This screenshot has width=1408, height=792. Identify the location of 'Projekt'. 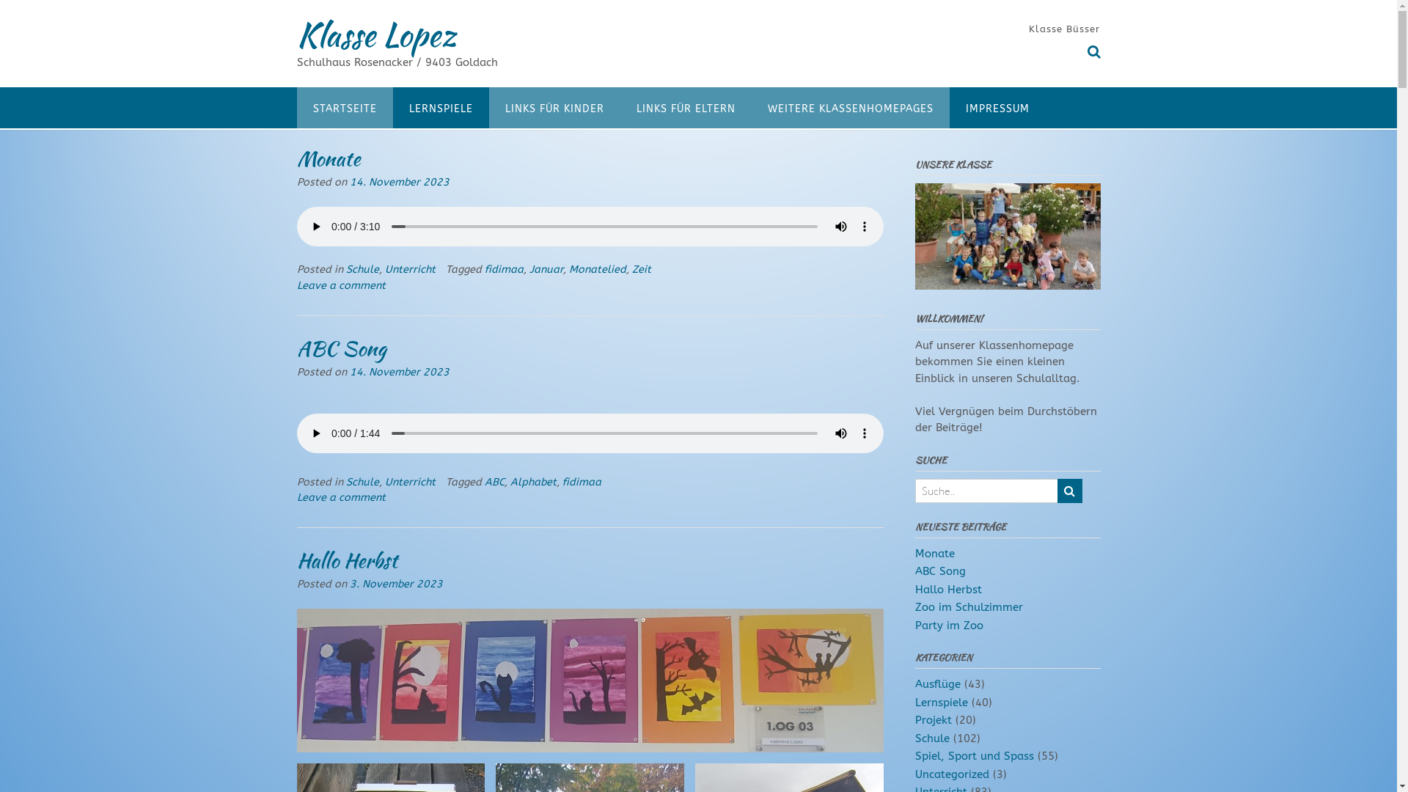
(932, 719).